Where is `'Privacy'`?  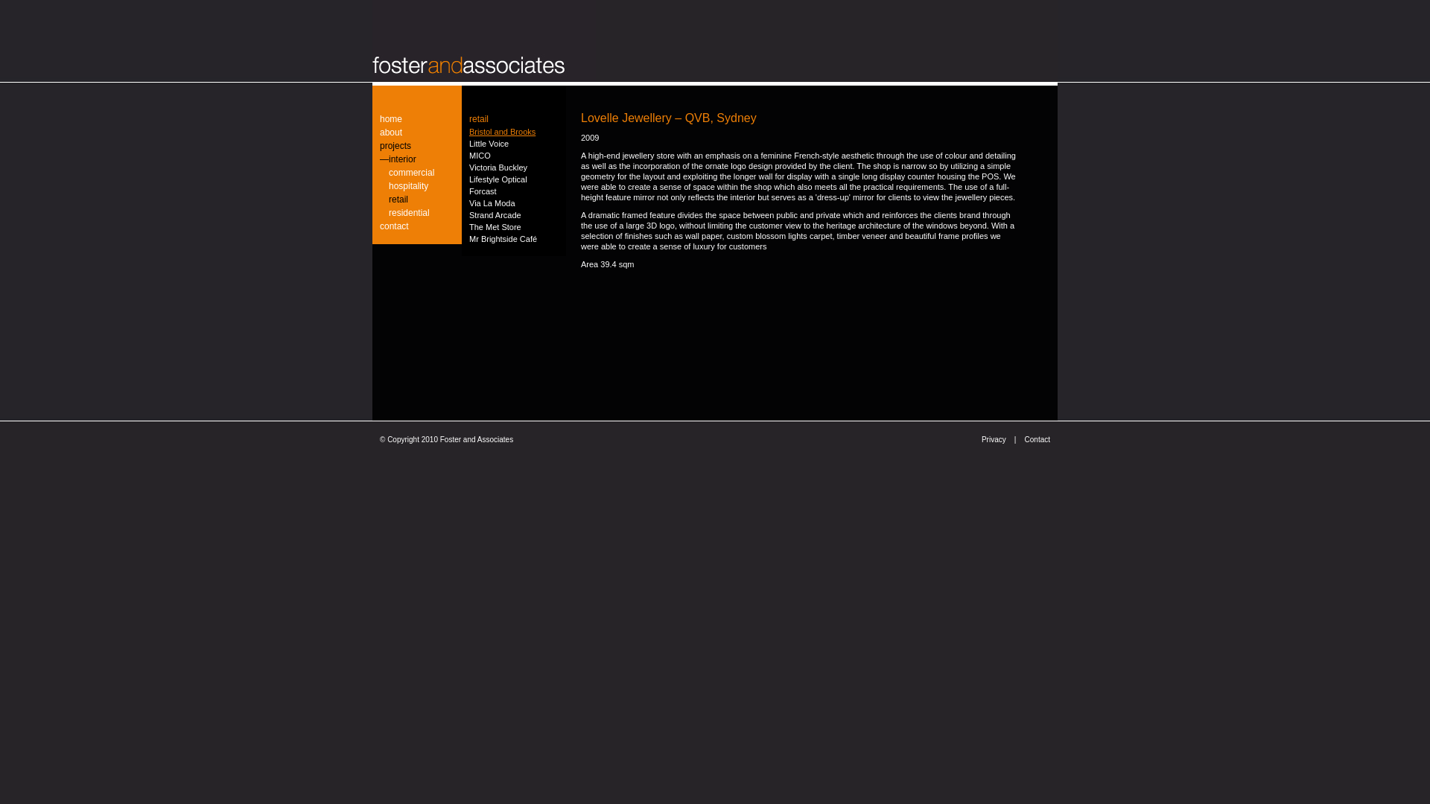
'Privacy' is located at coordinates (994, 438).